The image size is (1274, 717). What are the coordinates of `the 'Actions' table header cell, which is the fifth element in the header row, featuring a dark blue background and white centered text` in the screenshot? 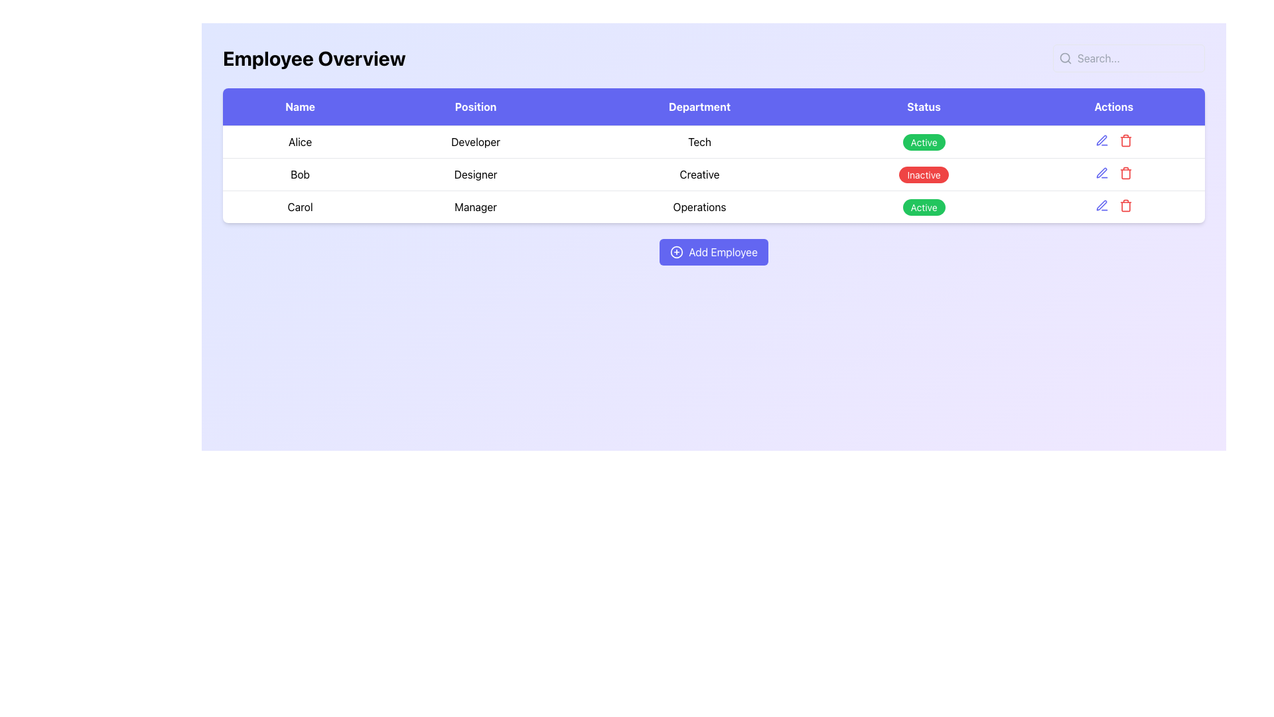 It's located at (1113, 106).